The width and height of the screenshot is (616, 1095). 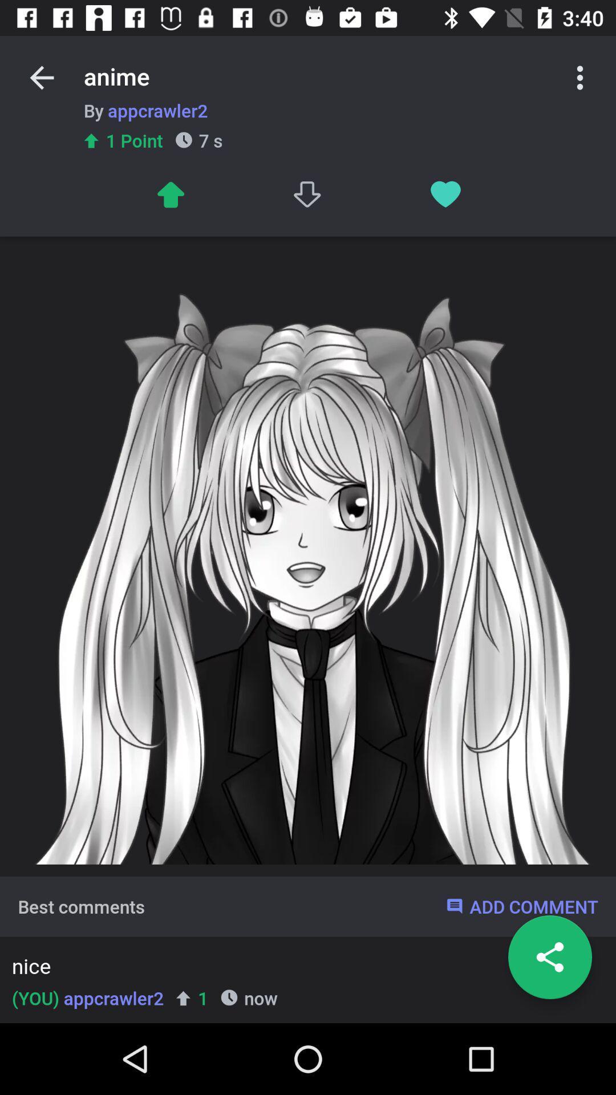 What do you see at coordinates (170, 194) in the screenshot?
I see `to up arrow` at bounding box center [170, 194].